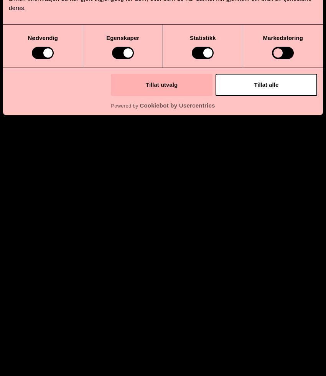  What do you see at coordinates (266, 84) in the screenshot?
I see `'Tillat alle'` at bounding box center [266, 84].